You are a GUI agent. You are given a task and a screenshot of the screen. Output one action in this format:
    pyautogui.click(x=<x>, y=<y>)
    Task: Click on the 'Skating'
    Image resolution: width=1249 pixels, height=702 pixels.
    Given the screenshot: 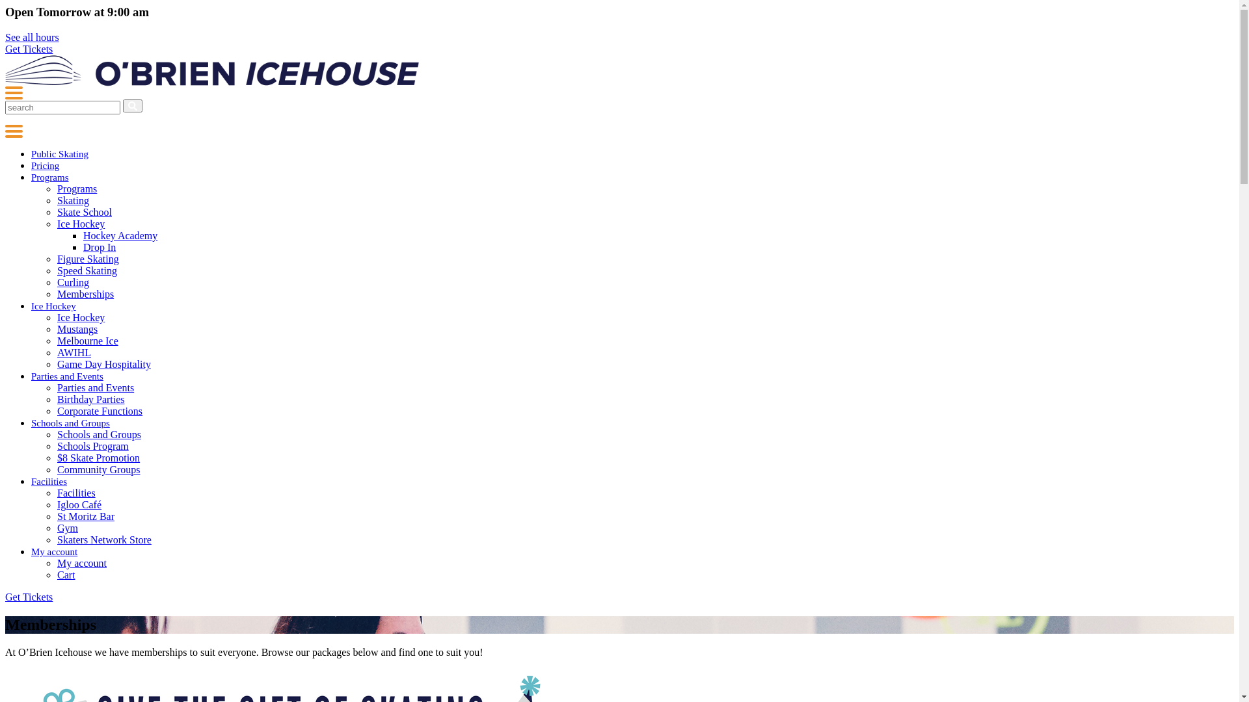 What is the action you would take?
    pyautogui.click(x=72, y=200)
    